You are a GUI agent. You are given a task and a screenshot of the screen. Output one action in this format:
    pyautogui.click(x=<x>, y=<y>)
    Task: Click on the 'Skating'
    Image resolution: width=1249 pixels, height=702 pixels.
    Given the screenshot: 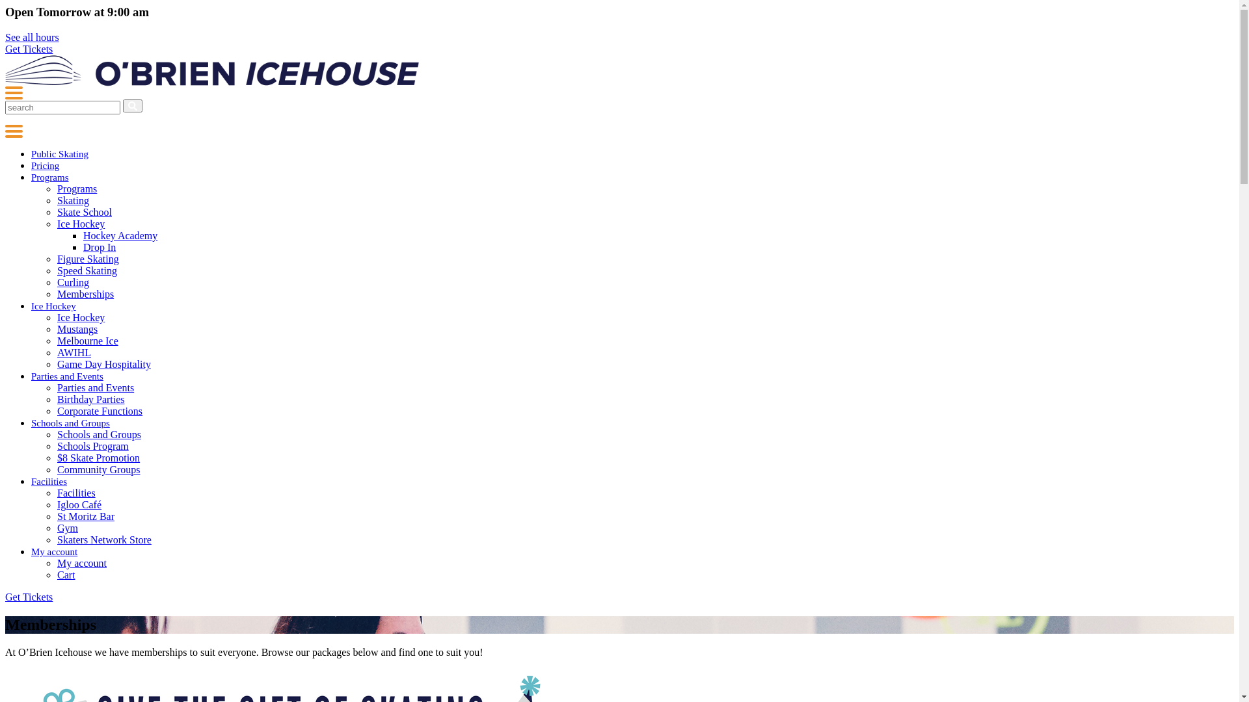 What is the action you would take?
    pyautogui.click(x=72, y=200)
    